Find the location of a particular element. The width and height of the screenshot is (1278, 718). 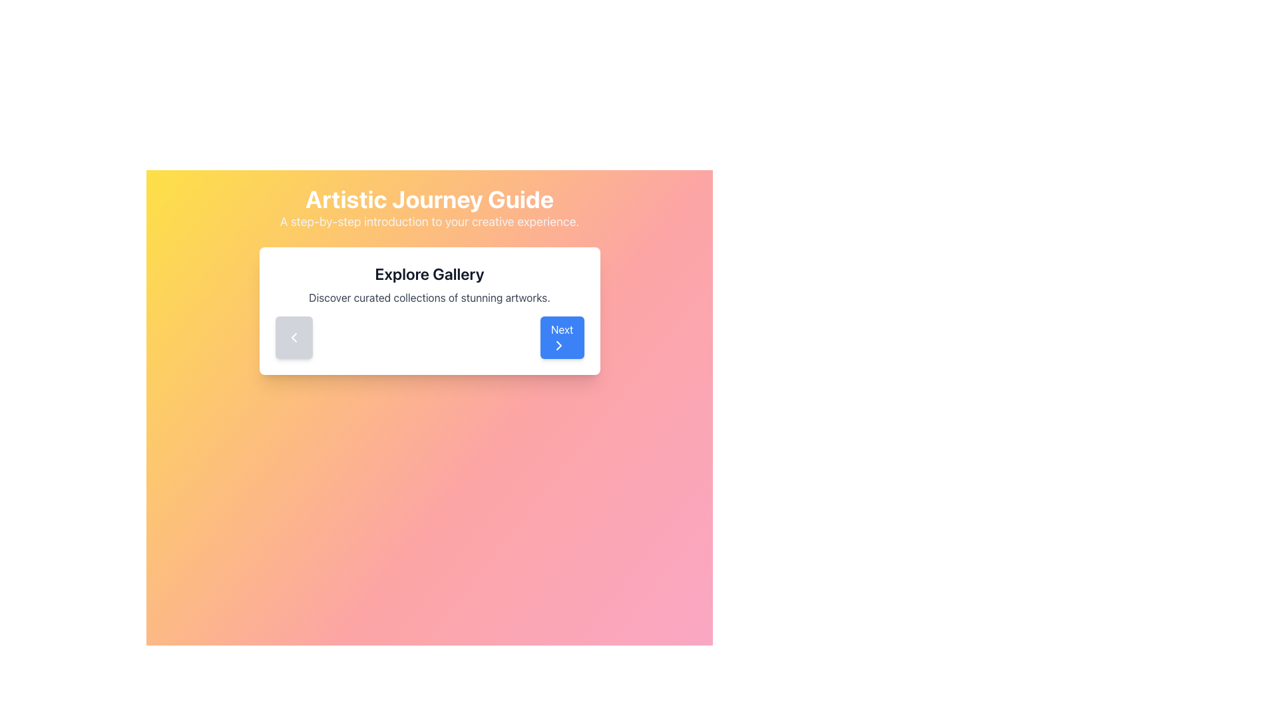

the right-pointing chevron icon located within the blue 'Next' button on the right side of a white card to proceed is located at coordinates (558, 345).